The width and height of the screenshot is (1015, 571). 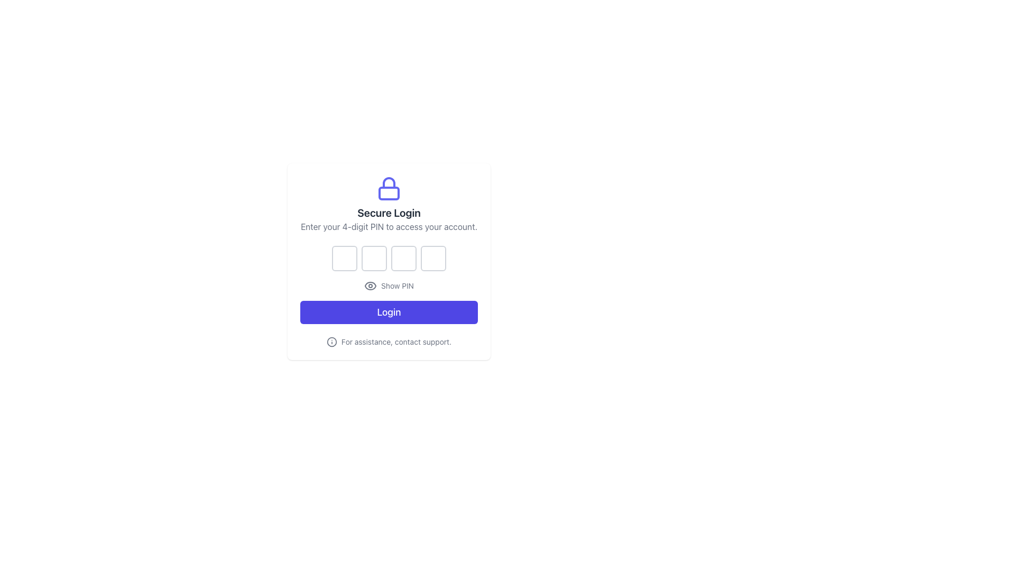 What do you see at coordinates (371, 285) in the screenshot?
I see `the eye-shaped toggle icon located to the left of the 'Show PIN' text within the login form` at bounding box center [371, 285].